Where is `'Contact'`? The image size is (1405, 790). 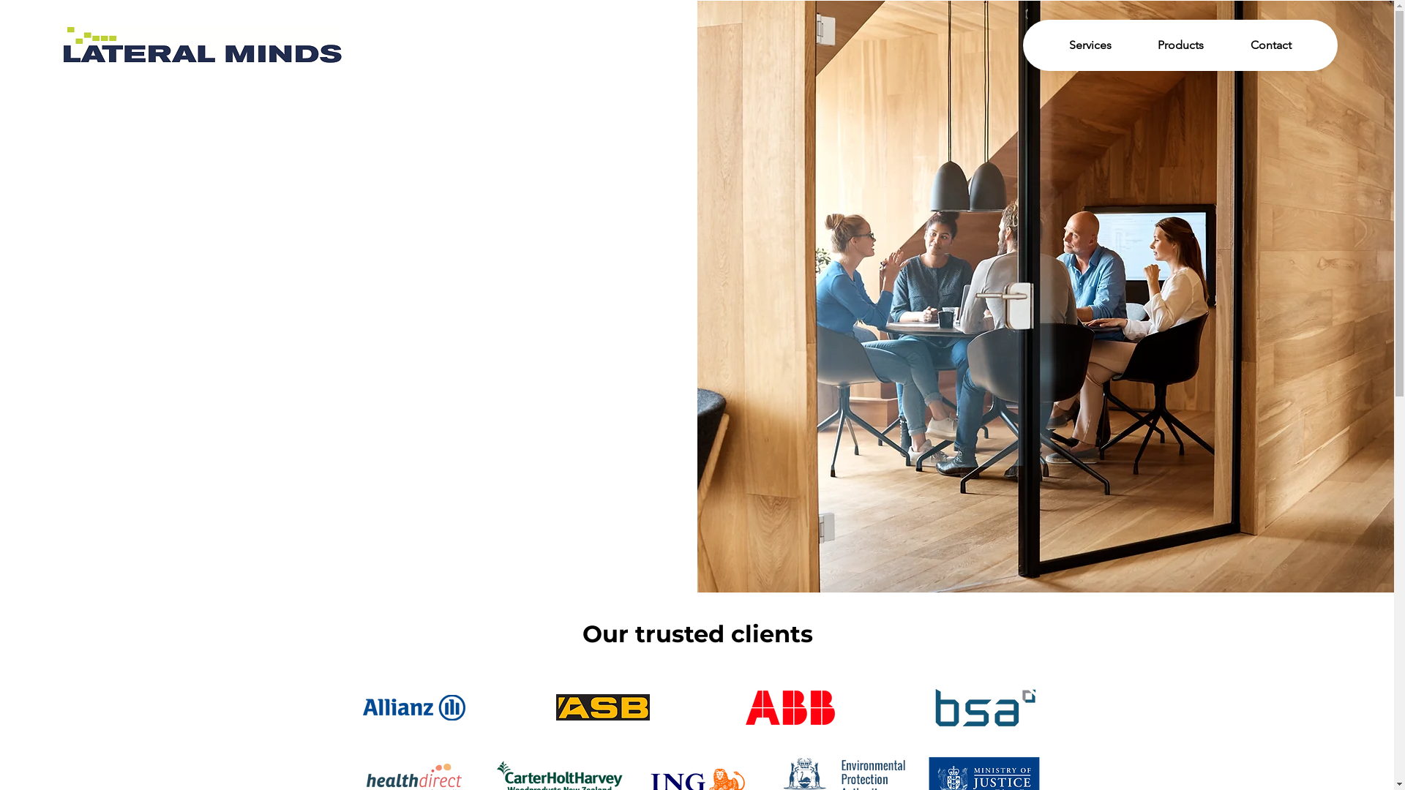
'Contact' is located at coordinates (1226, 44).